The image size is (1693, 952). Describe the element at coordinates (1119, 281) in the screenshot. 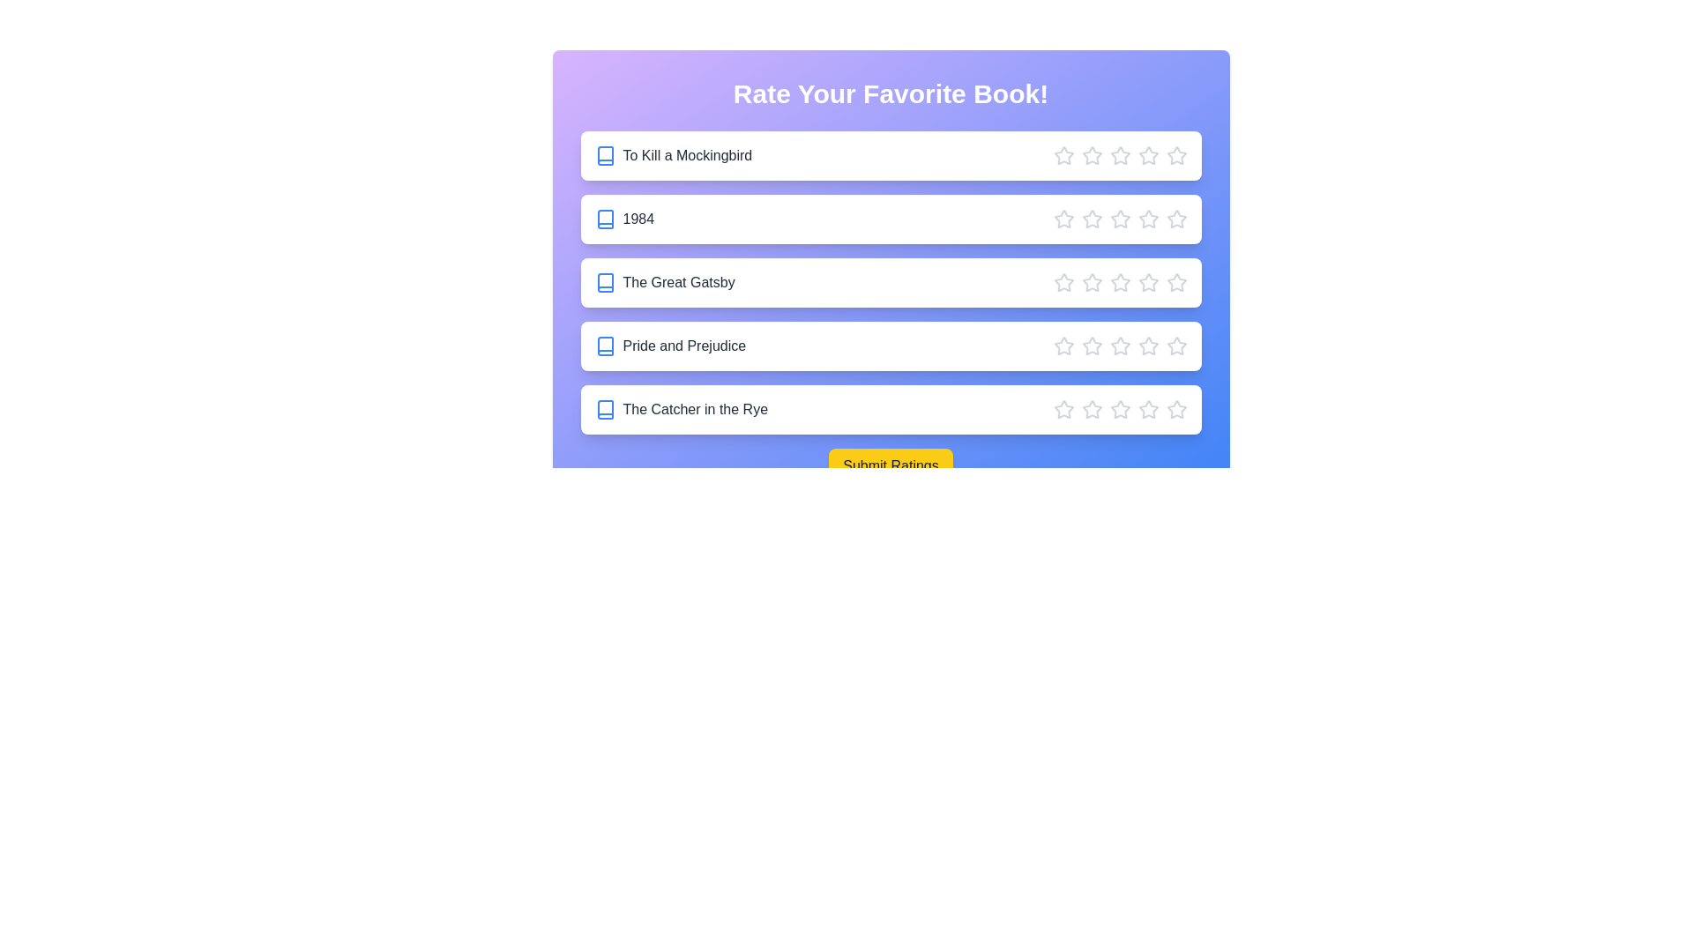

I see `the star corresponding to 3 stars for the book 'The Great Gatsby'` at that location.